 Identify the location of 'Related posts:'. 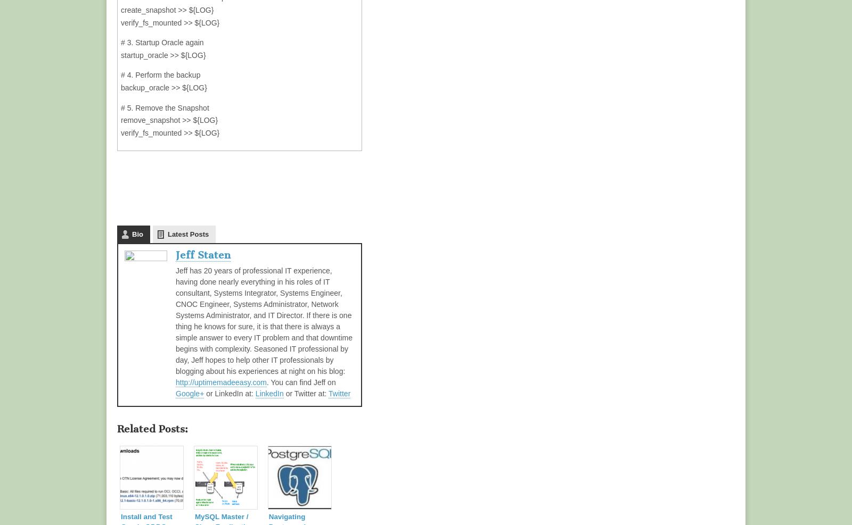
(117, 429).